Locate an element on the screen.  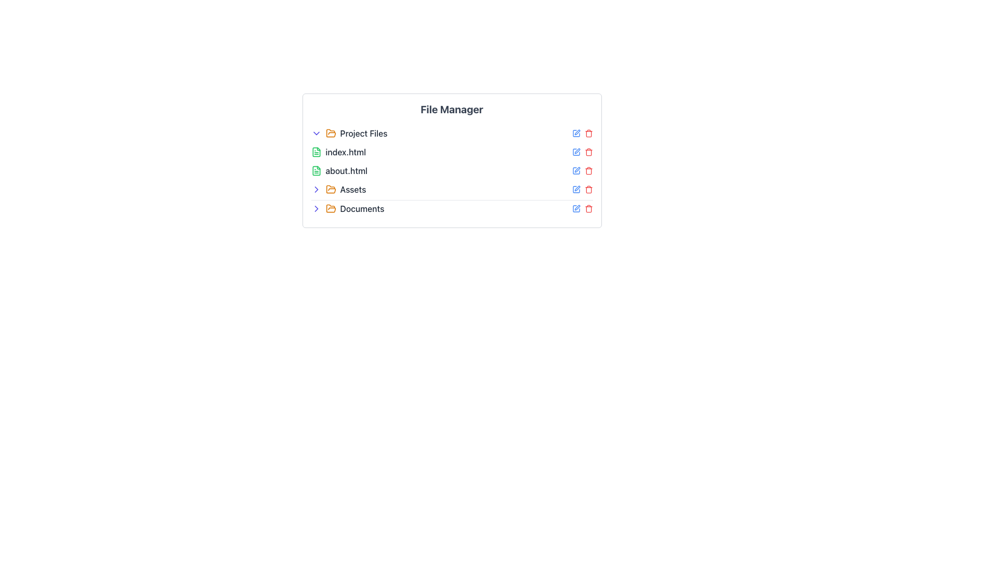
the pen-like icon button in the toolbar associated with the file 'index.html' is located at coordinates (576, 151).